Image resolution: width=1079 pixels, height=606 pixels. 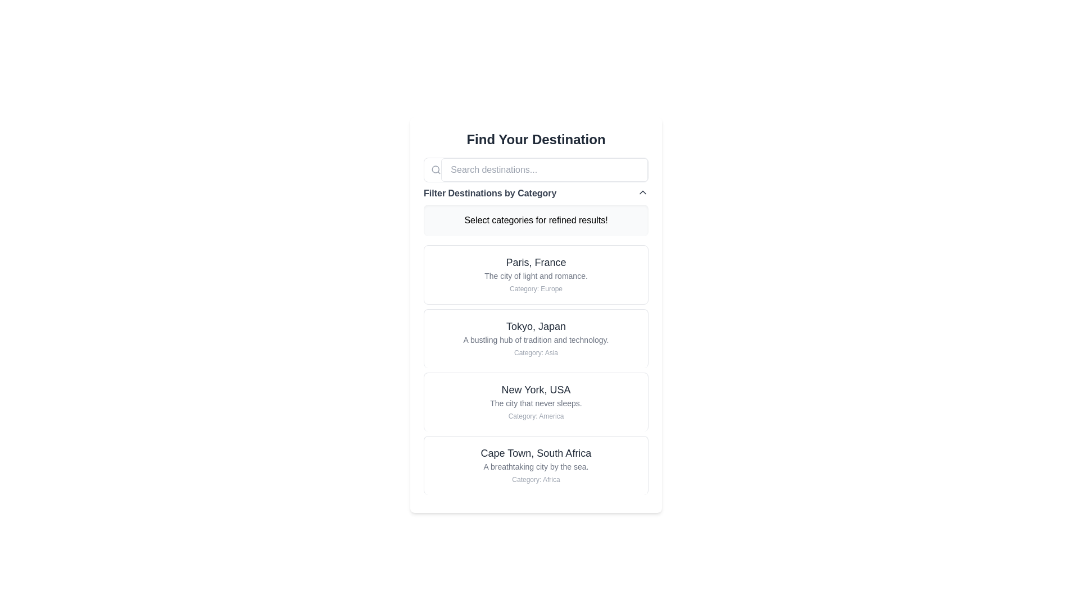 I want to click on information displayed on the first Informational Card in the list of destinations, located below the header 'Filter Destinations by Category', so click(x=536, y=274).